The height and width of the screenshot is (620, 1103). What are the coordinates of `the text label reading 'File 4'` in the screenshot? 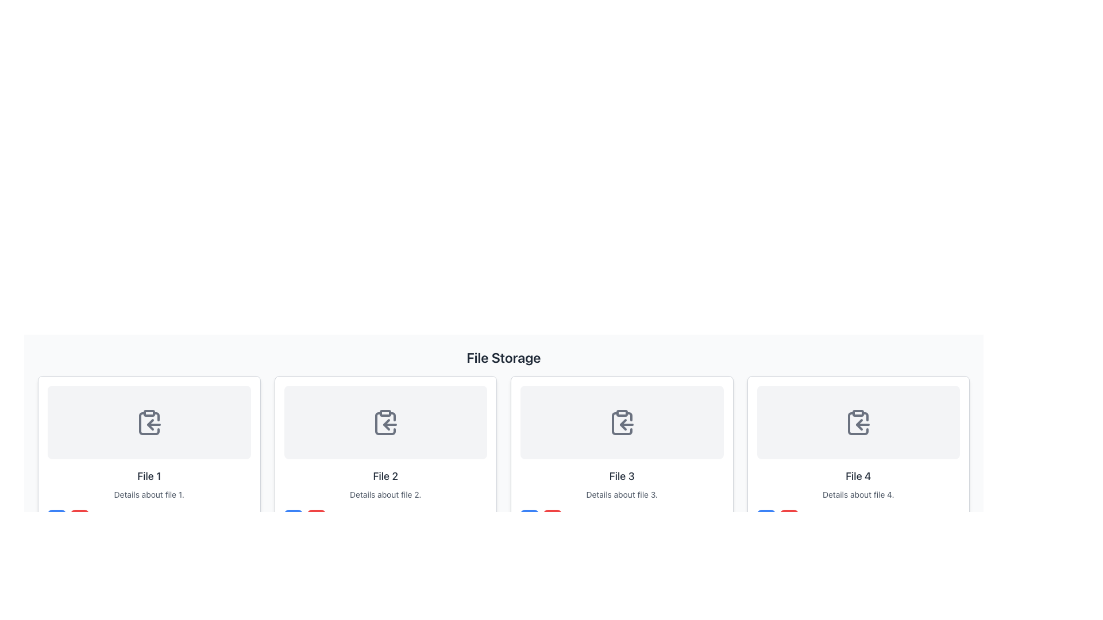 It's located at (858, 476).